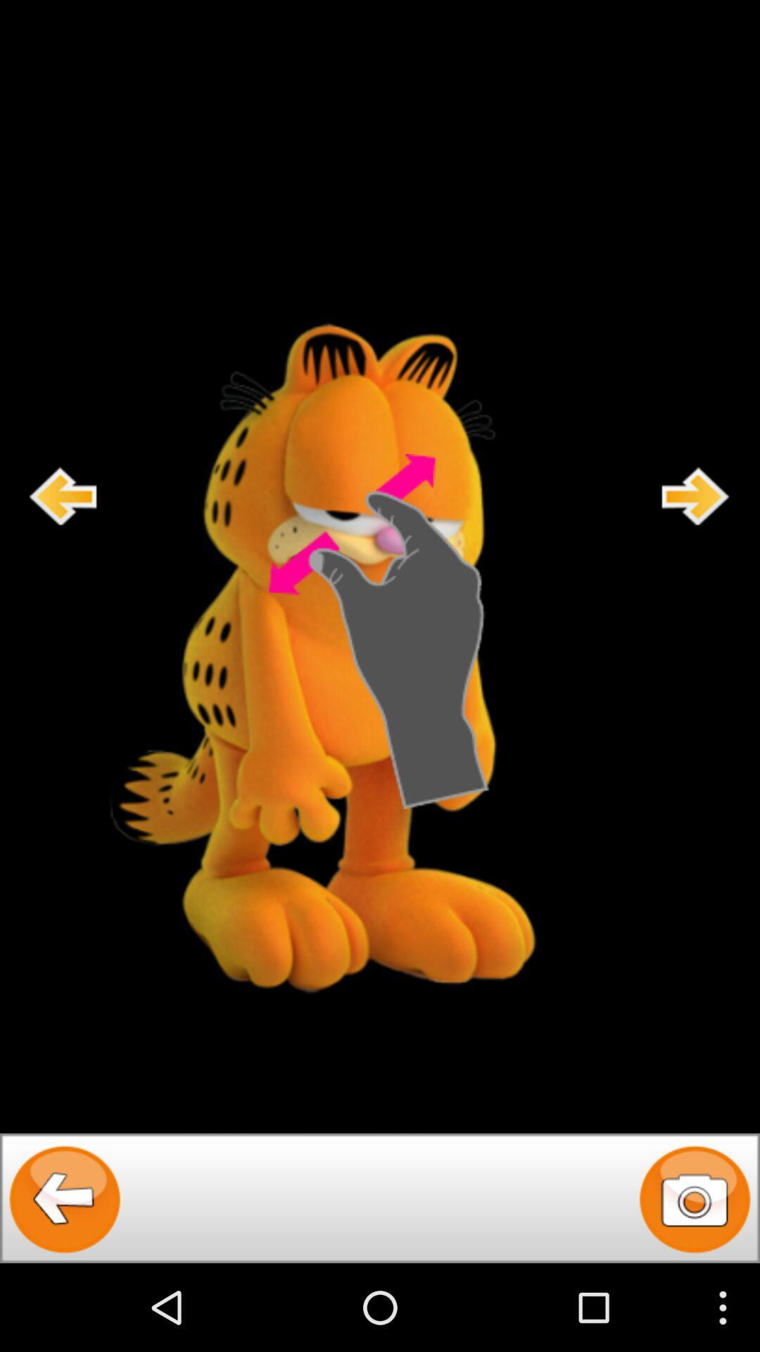 This screenshot has height=1352, width=760. I want to click on take a picture, so click(694, 1197).